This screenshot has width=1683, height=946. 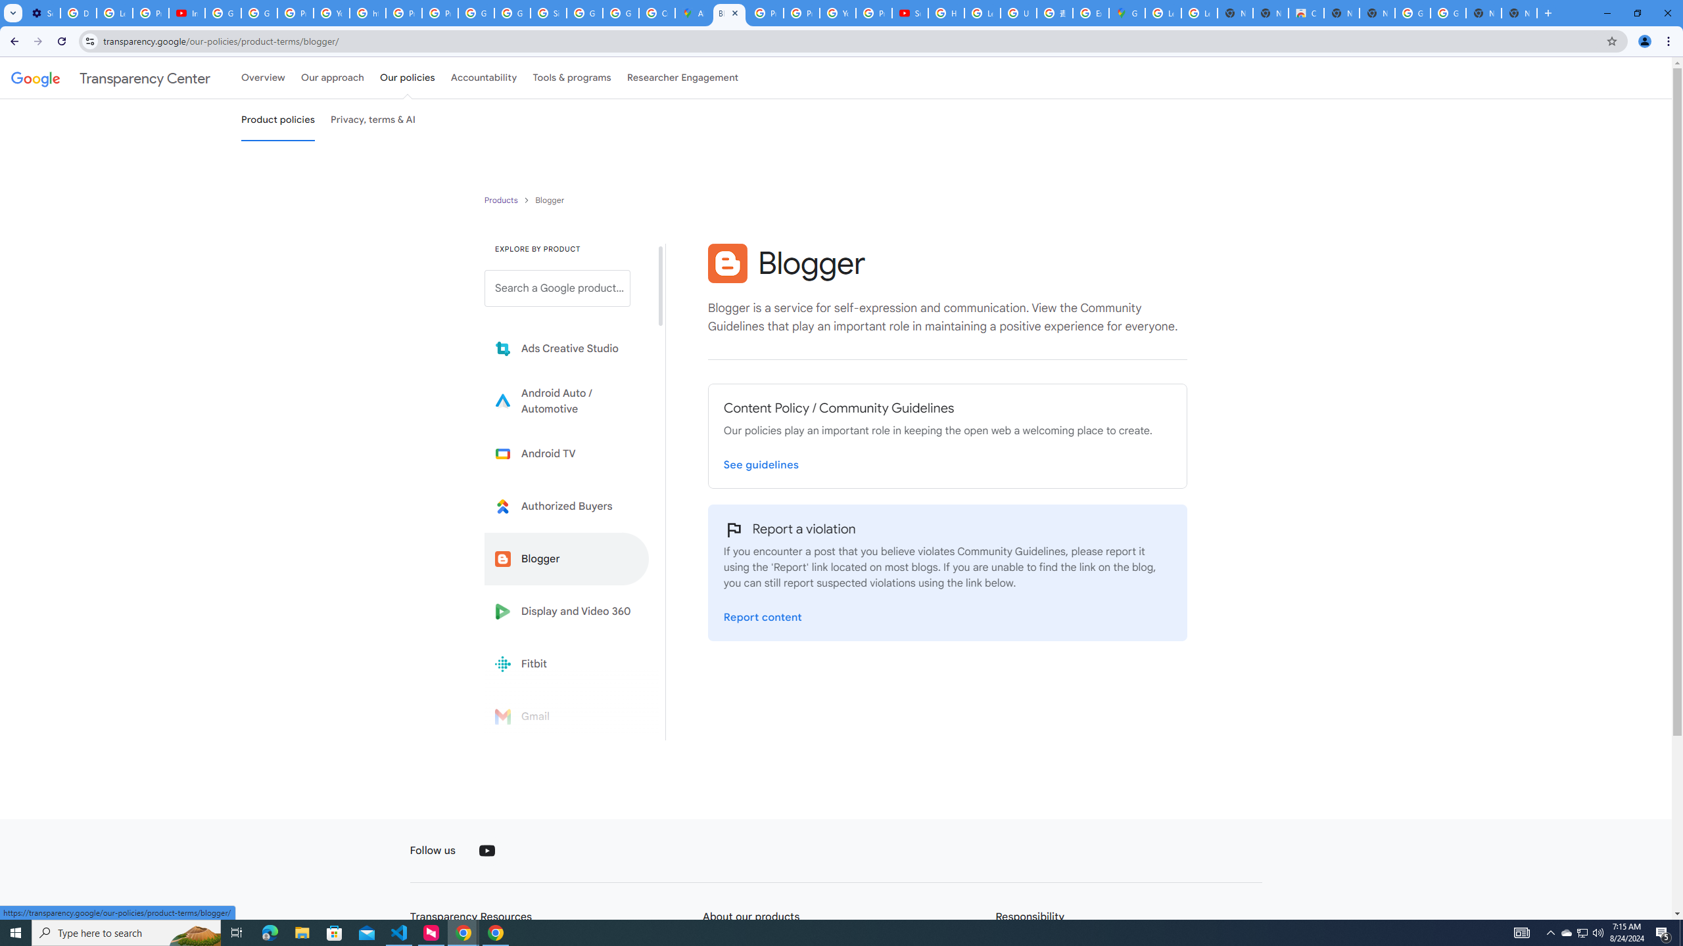 What do you see at coordinates (566, 401) in the screenshot?
I see `'Learn more about Android Auto'` at bounding box center [566, 401].